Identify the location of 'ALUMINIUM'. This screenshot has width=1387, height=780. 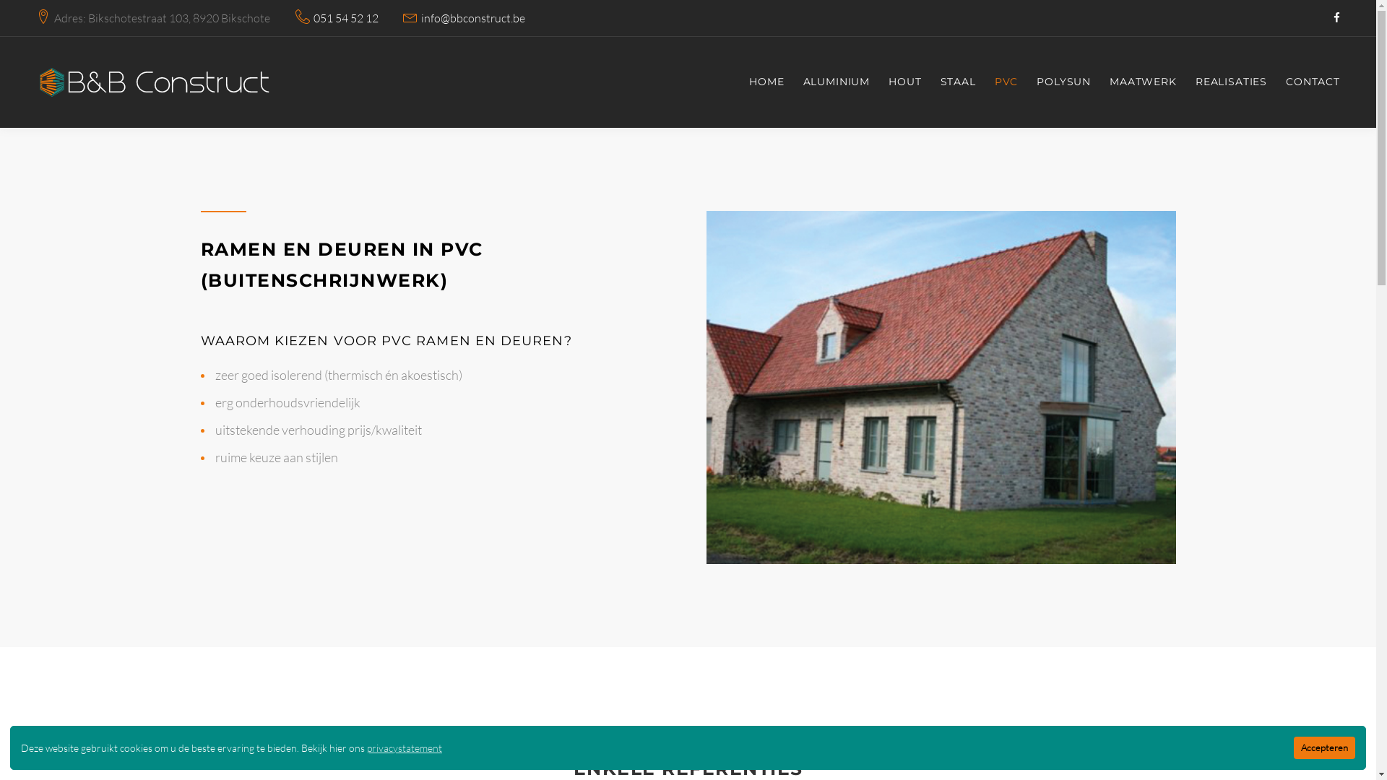
(837, 82).